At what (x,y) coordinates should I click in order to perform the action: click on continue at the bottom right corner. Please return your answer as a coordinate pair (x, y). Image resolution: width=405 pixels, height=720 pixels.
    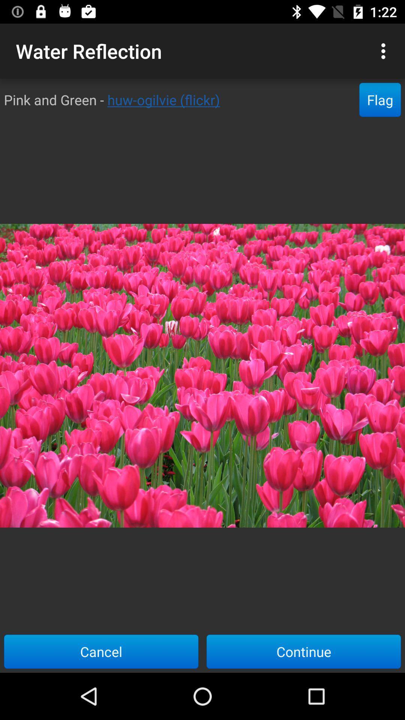
    Looking at the image, I should click on (304, 651).